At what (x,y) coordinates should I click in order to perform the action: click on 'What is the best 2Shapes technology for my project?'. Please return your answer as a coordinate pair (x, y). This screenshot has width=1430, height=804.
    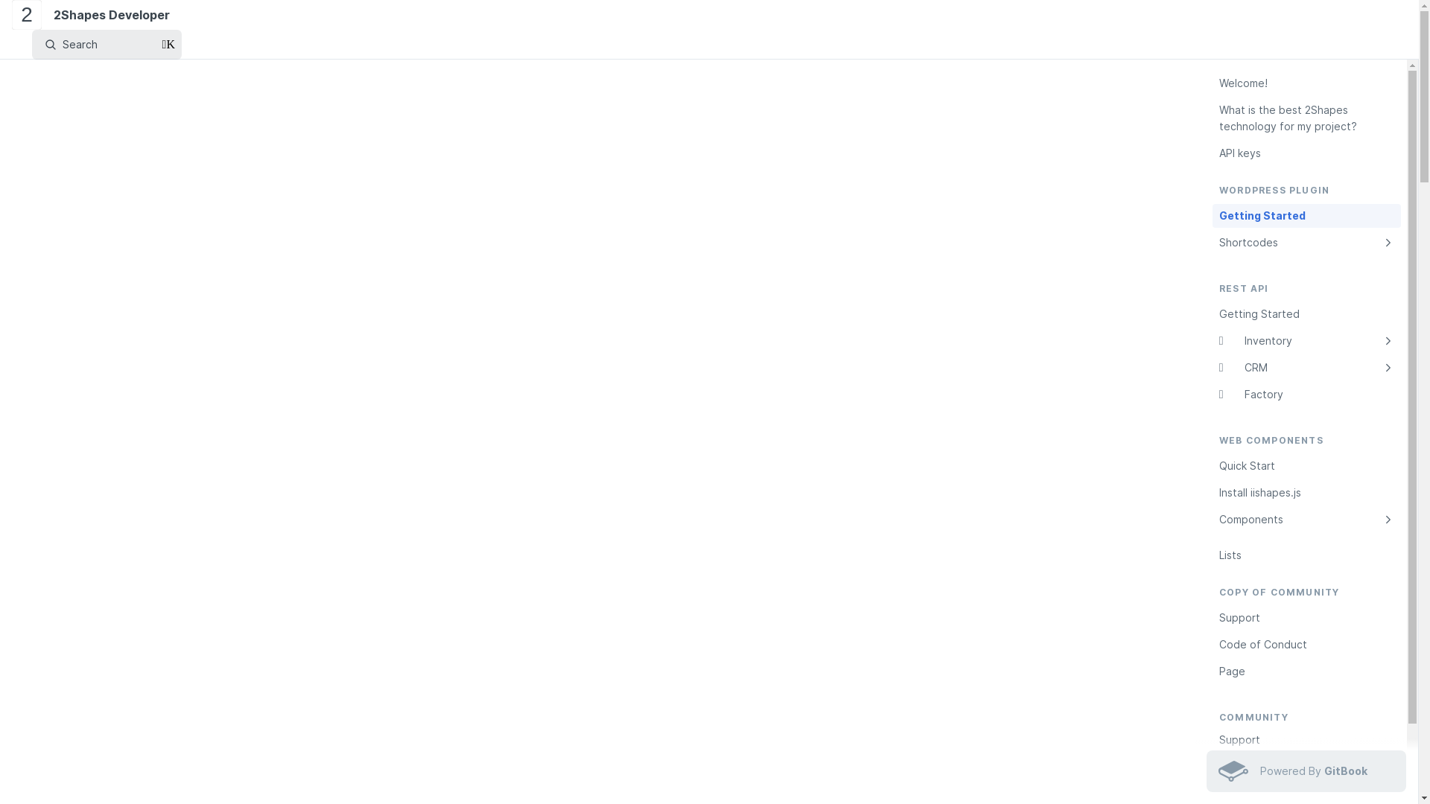
    Looking at the image, I should click on (1306, 117).